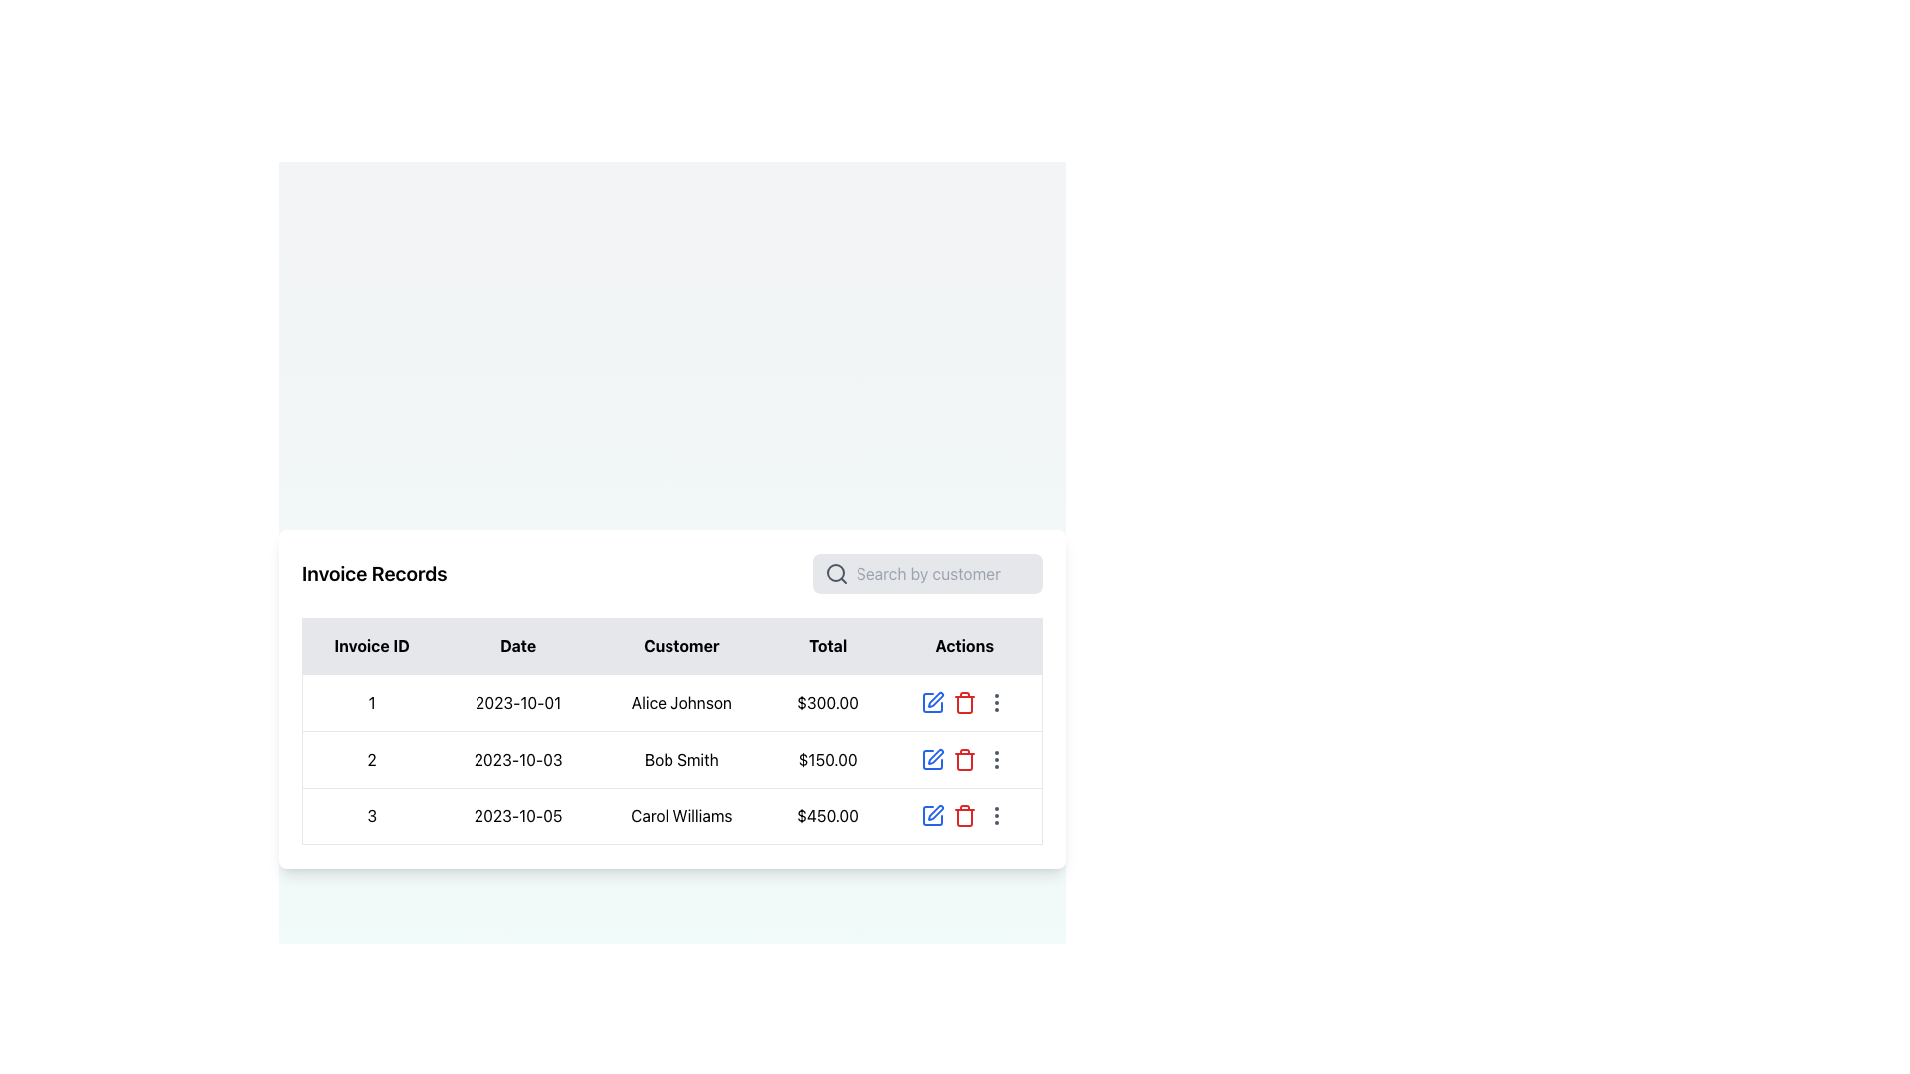  Describe the element at coordinates (681, 701) in the screenshot. I see `the text label displaying 'Alice Johnson' in black font, located in the third cell of the first row under the 'Customer' column of the table` at that location.